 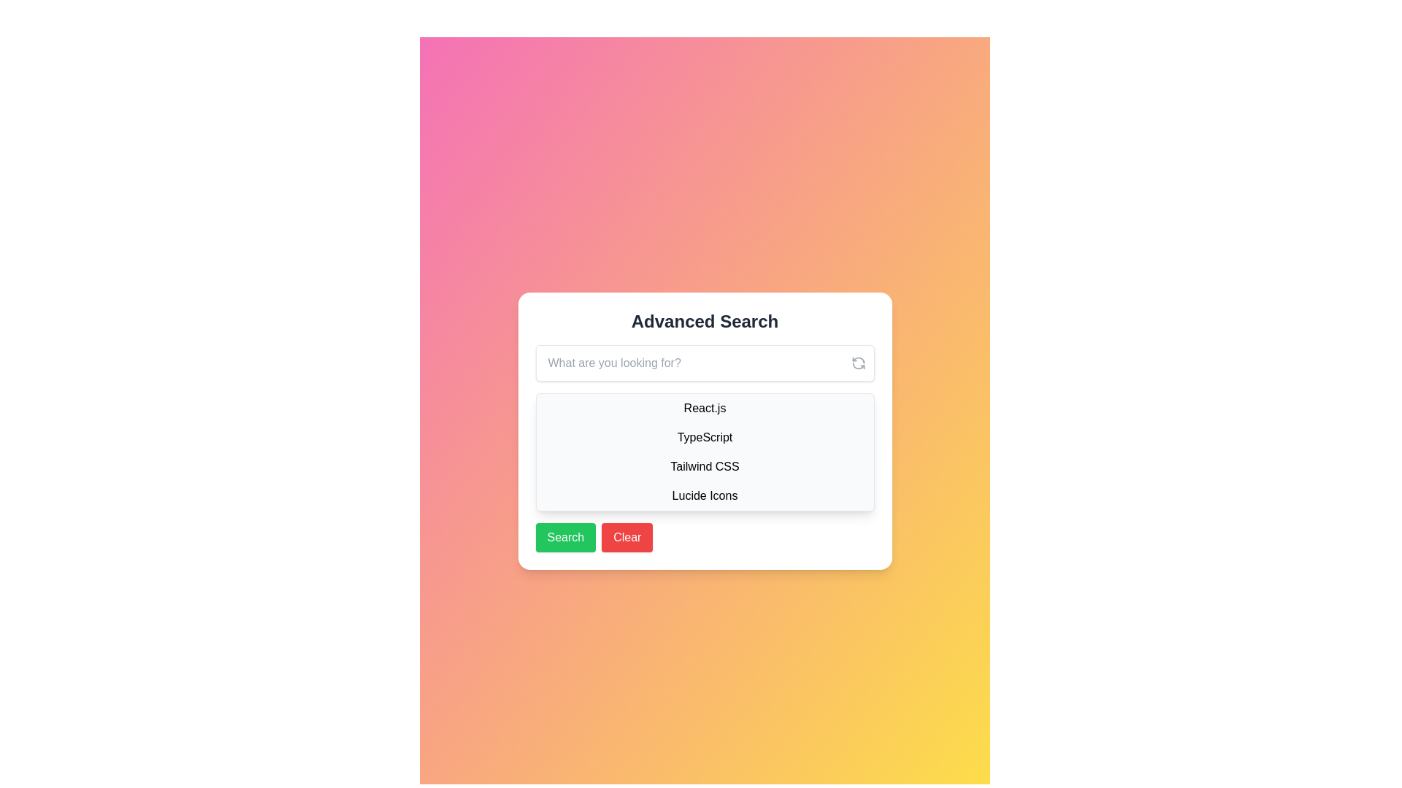 I want to click on the search button located at the bottom-left corner of the central panel to initiate the search operation based on the user's input, so click(x=564, y=537).